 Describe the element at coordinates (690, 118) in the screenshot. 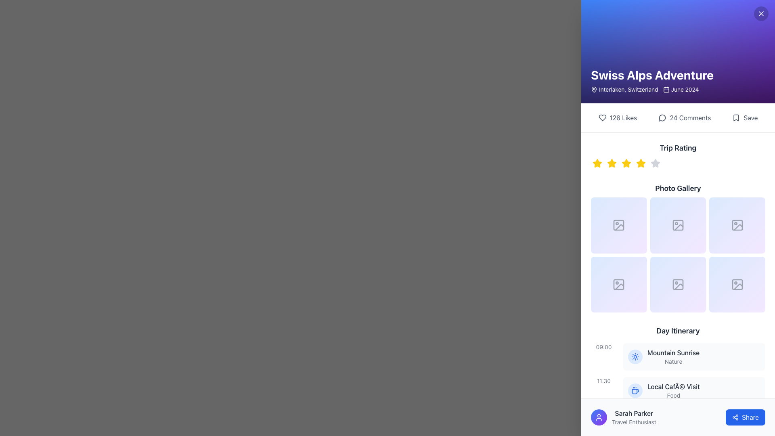

I see `the Text Label indicating the number of comments associated with the content` at that location.